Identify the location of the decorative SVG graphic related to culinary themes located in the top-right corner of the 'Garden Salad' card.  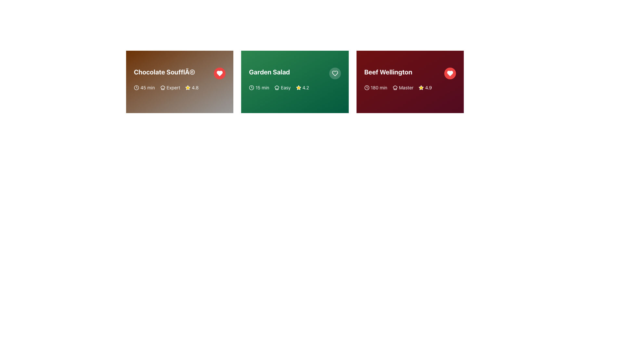
(277, 88).